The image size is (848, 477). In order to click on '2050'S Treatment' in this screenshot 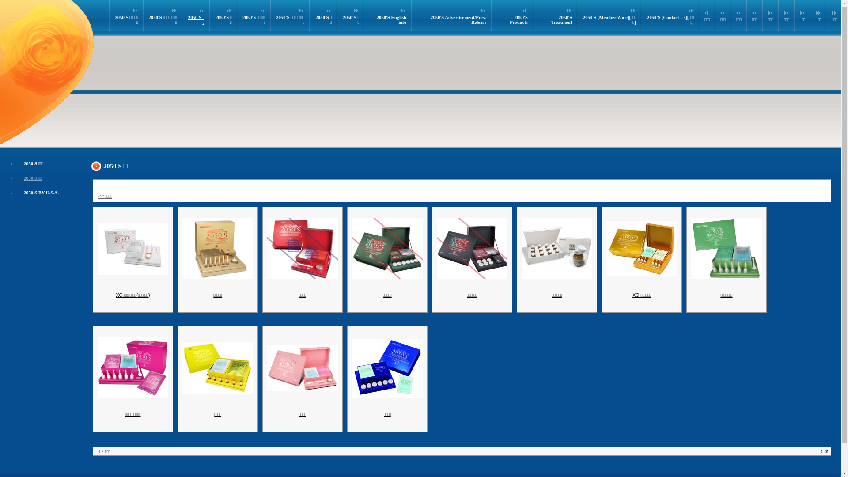, I will do `click(561, 20)`.